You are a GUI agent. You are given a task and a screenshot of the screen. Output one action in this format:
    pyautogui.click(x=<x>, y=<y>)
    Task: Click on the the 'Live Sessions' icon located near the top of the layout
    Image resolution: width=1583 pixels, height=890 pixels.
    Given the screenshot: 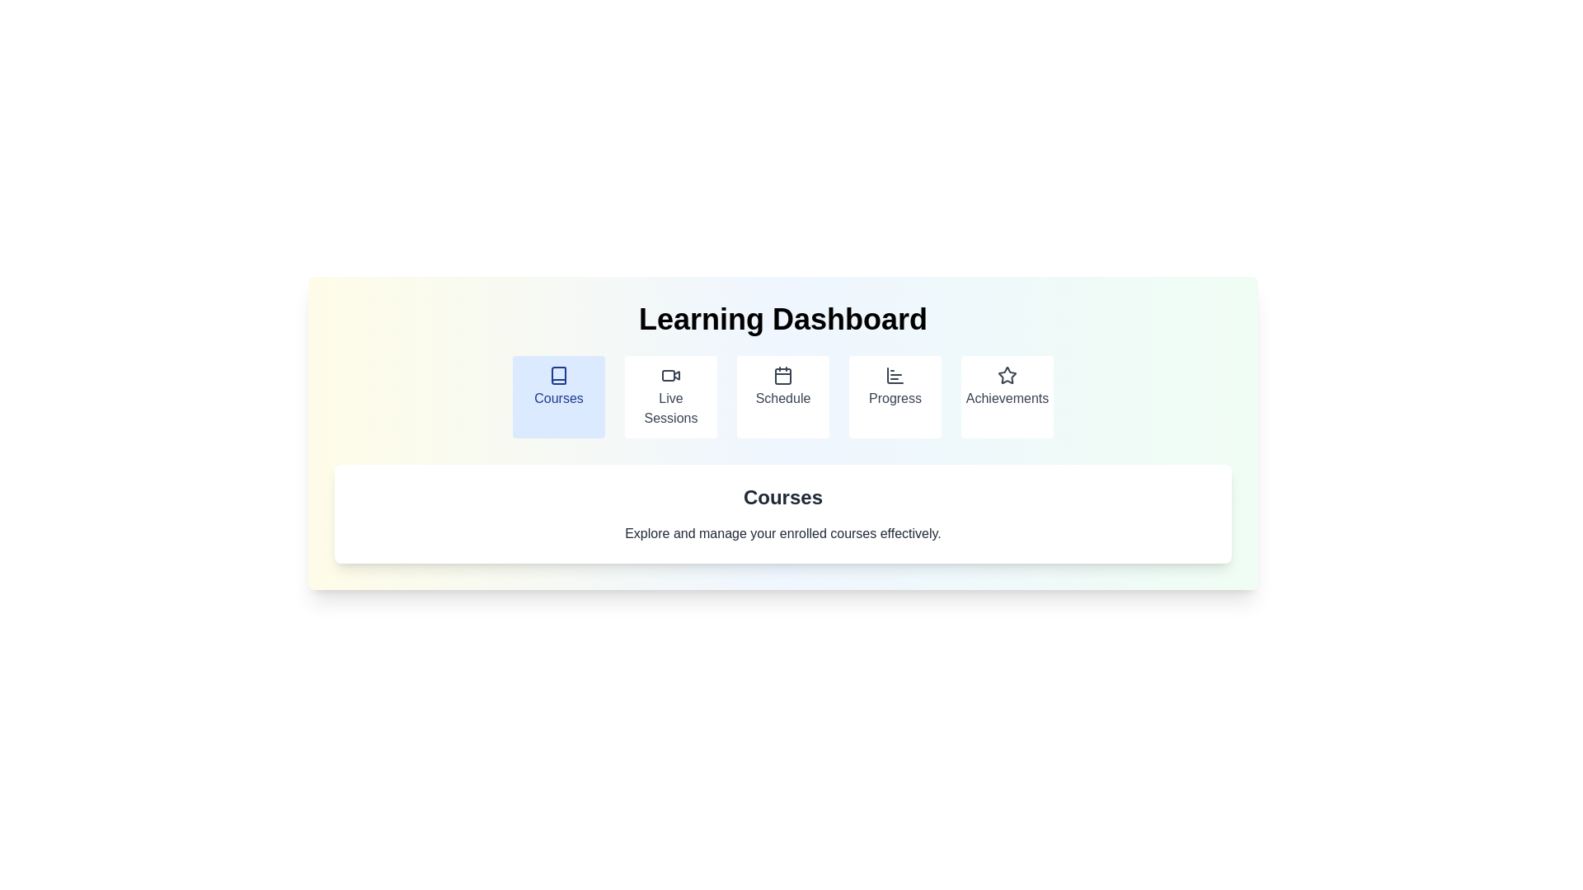 What is the action you would take?
    pyautogui.click(x=671, y=375)
    